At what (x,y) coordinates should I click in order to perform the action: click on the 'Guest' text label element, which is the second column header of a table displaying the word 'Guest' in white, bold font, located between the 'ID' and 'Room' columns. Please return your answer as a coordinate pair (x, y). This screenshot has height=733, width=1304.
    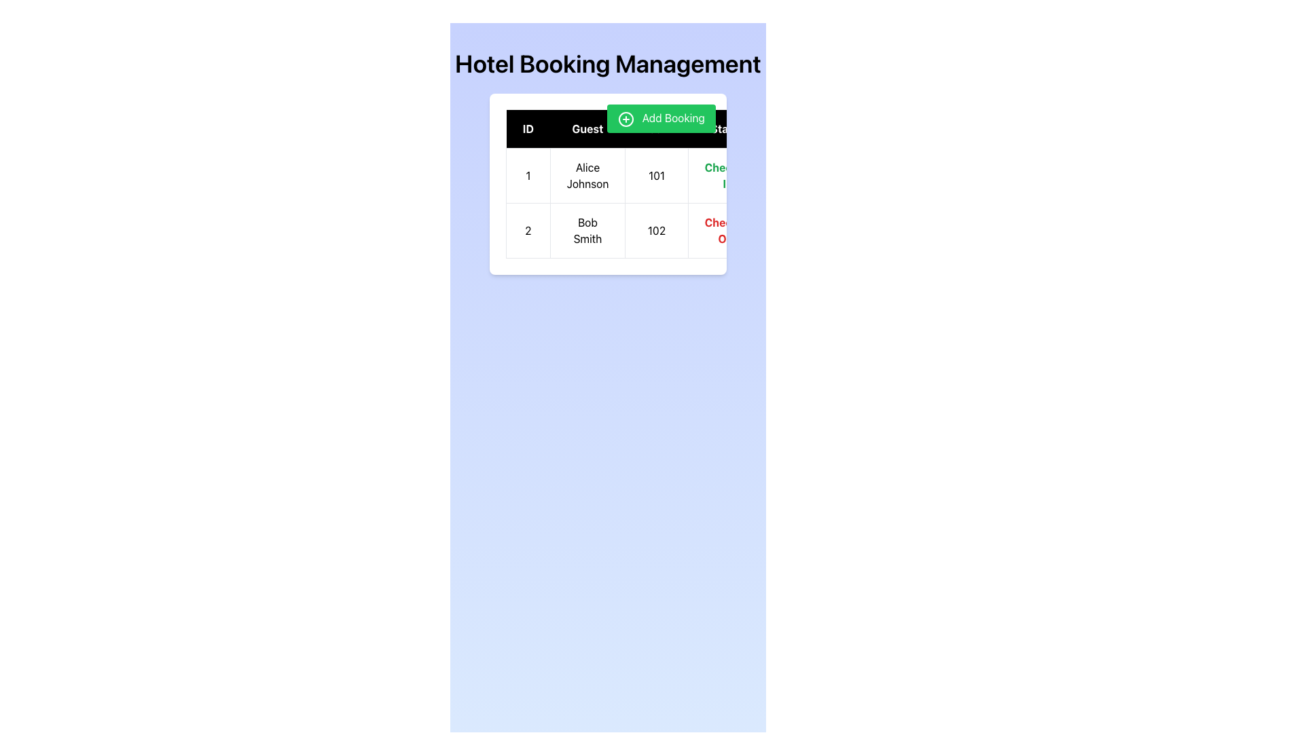
    Looking at the image, I should click on (587, 129).